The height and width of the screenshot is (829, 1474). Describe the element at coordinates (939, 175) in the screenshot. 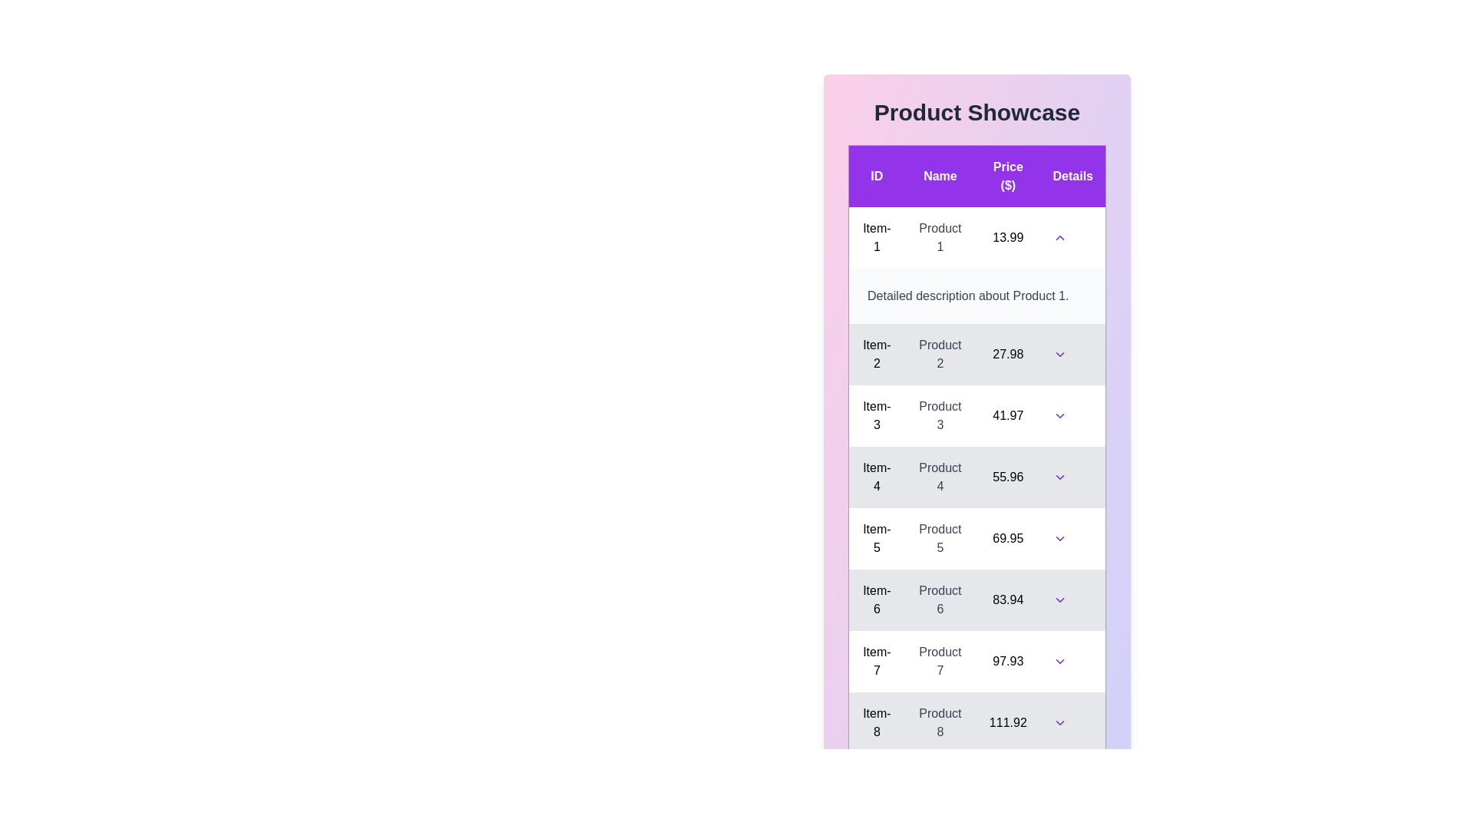

I see `the column header Name to sort the table` at that location.